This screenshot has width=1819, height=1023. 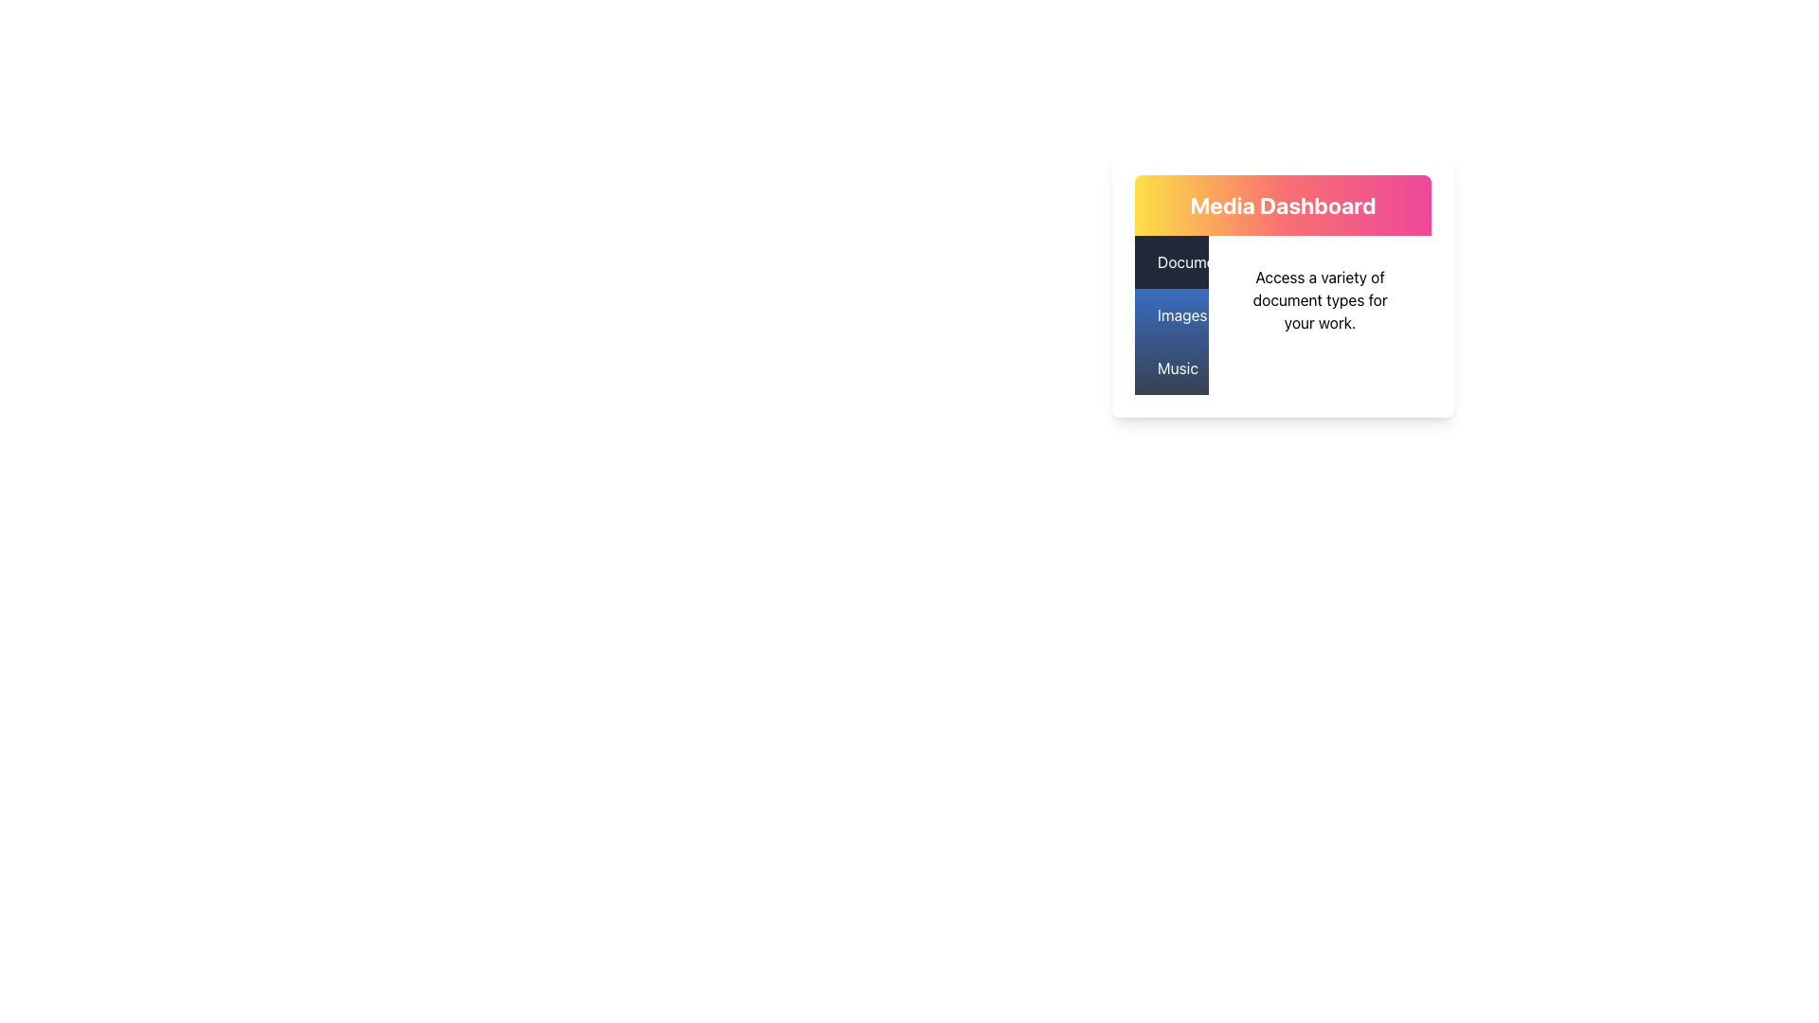 What do you see at coordinates (1181, 314) in the screenshot?
I see `the text element in the navigation menu that is positioned below 'Documents' and above 'Music'` at bounding box center [1181, 314].